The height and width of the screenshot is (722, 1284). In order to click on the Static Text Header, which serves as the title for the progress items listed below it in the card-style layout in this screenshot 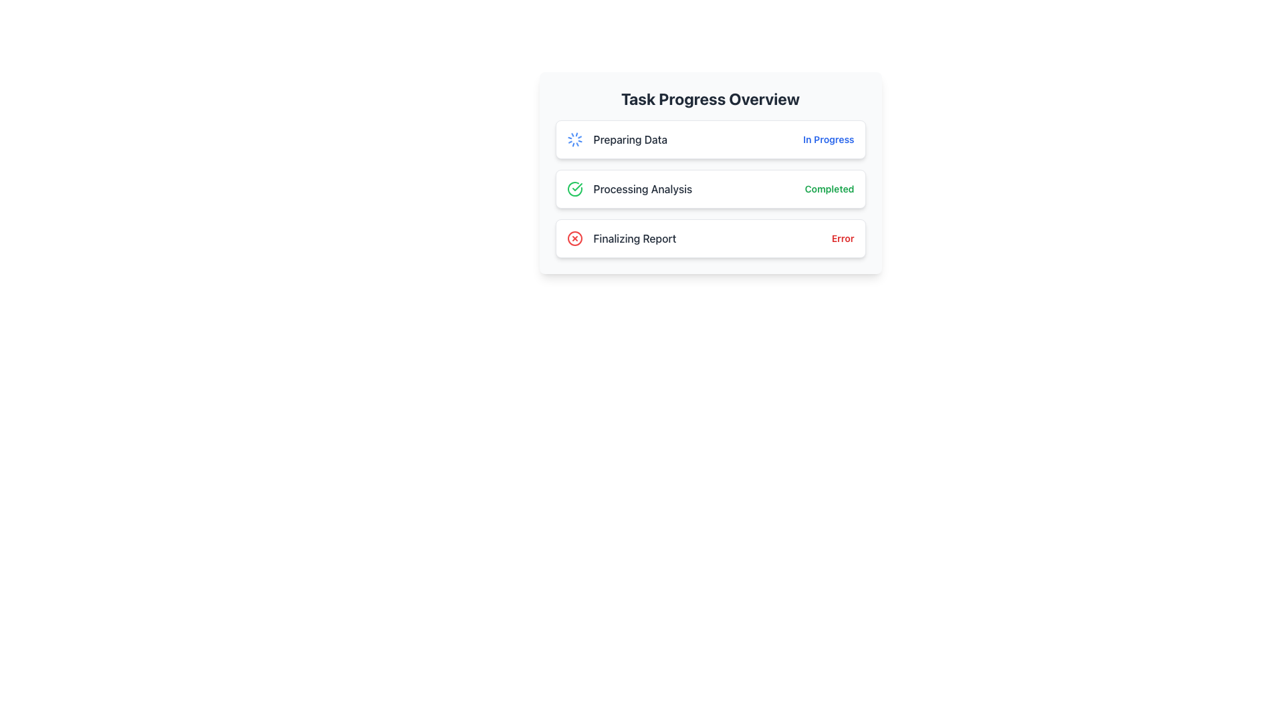, I will do `click(710, 98)`.